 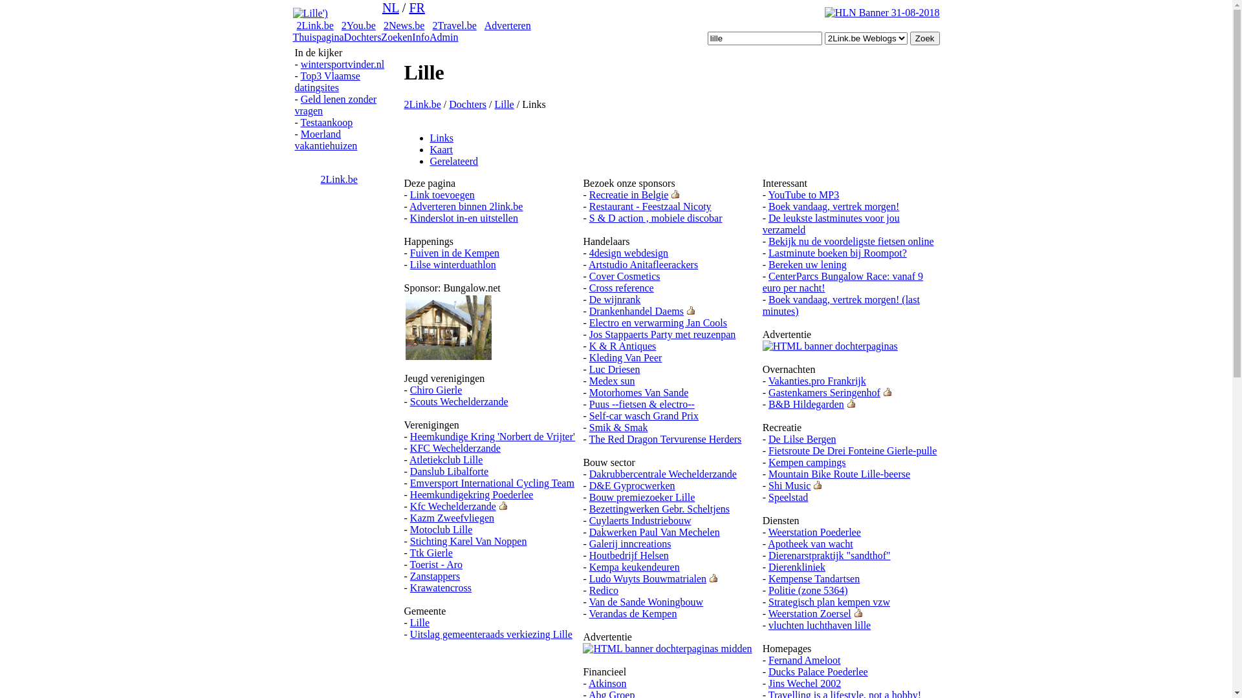 What do you see at coordinates (327, 122) in the screenshot?
I see `'Testaankoop'` at bounding box center [327, 122].